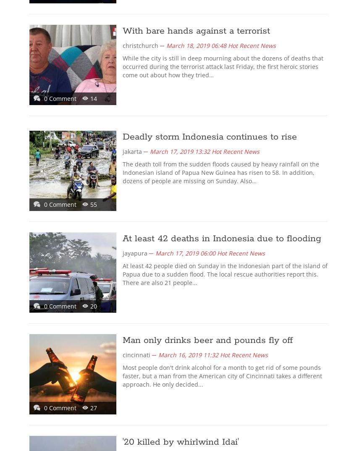 This screenshot has height=451, width=357. I want to click on 'March 18, 2019 06:48', so click(196, 45).